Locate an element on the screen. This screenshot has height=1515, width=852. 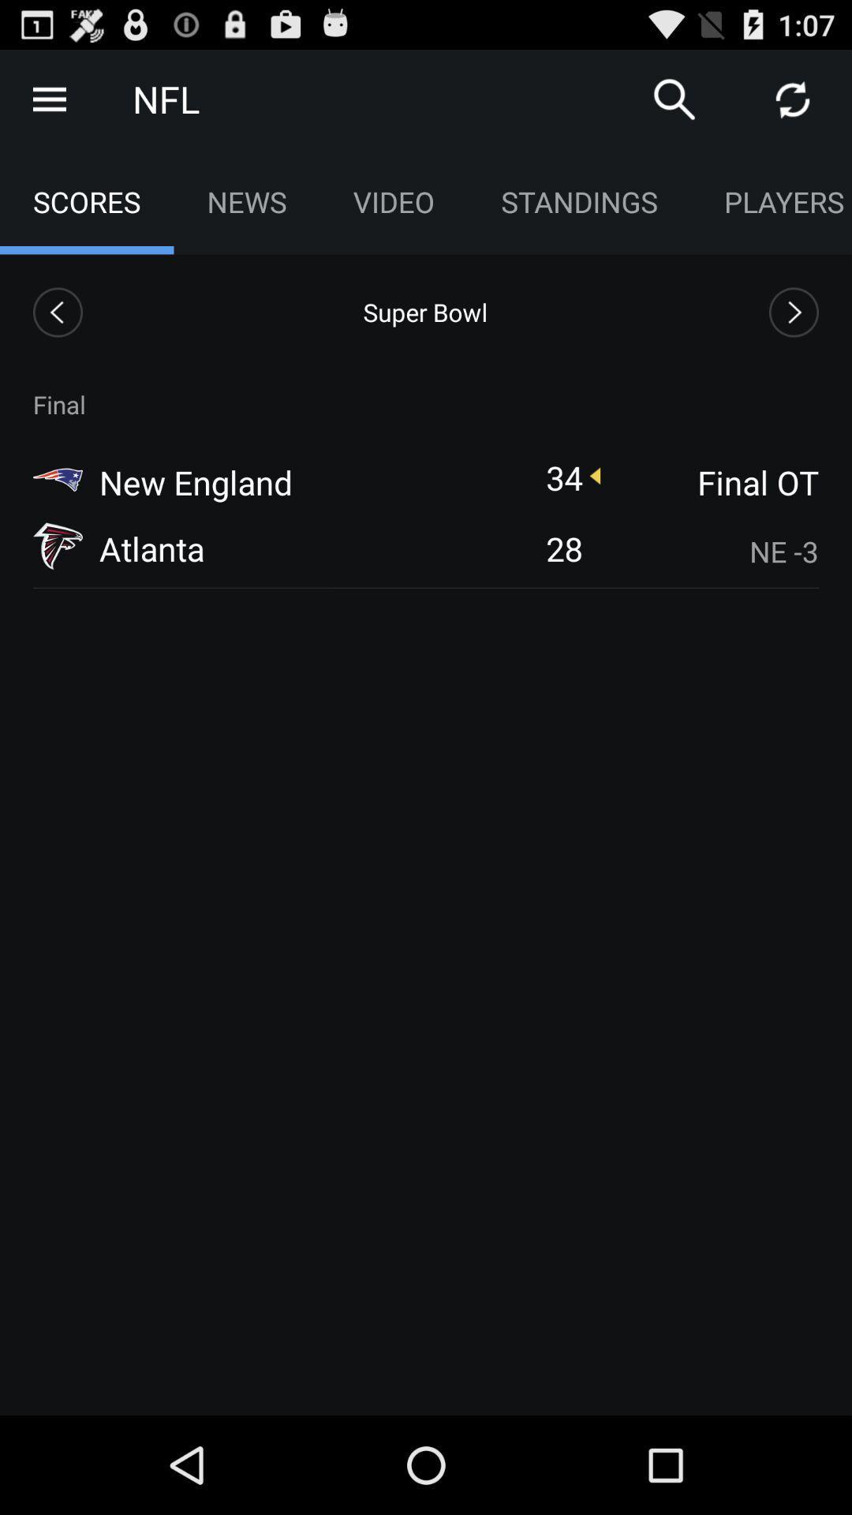
the refresh icon is located at coordinates (793, 105).